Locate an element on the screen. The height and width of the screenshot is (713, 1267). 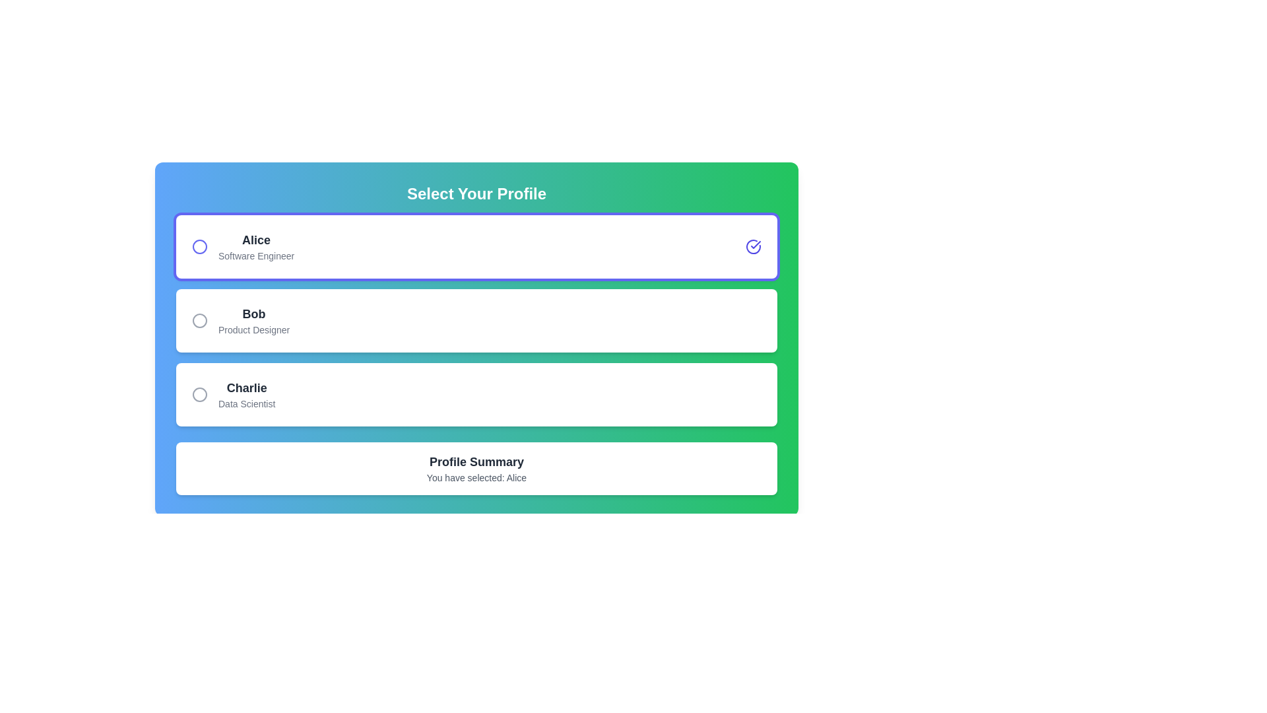
the text label that describes the role or profession associated with the profile name 'Alice', located directly beneath it in the first profile card of a vertically stacked list of profiles is located at coordinates (256, 256).